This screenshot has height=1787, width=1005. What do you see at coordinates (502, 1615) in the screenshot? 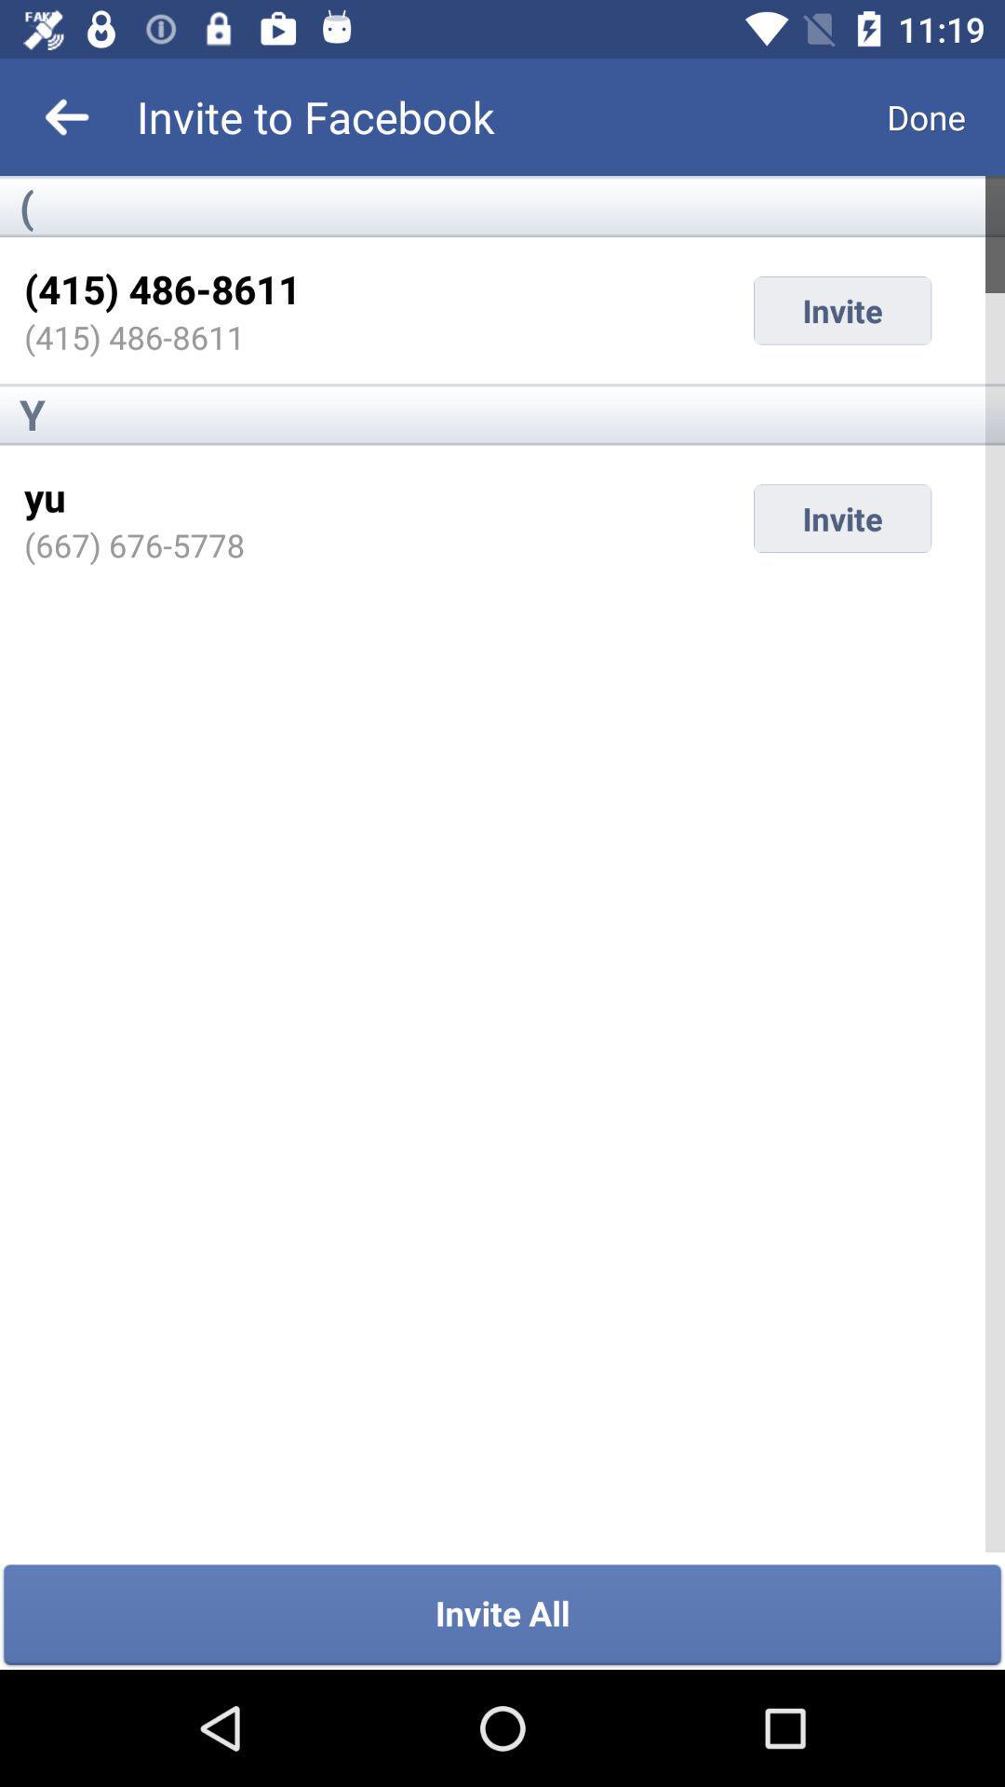
I see `invite all icon` at bounding box center [502, 1615].